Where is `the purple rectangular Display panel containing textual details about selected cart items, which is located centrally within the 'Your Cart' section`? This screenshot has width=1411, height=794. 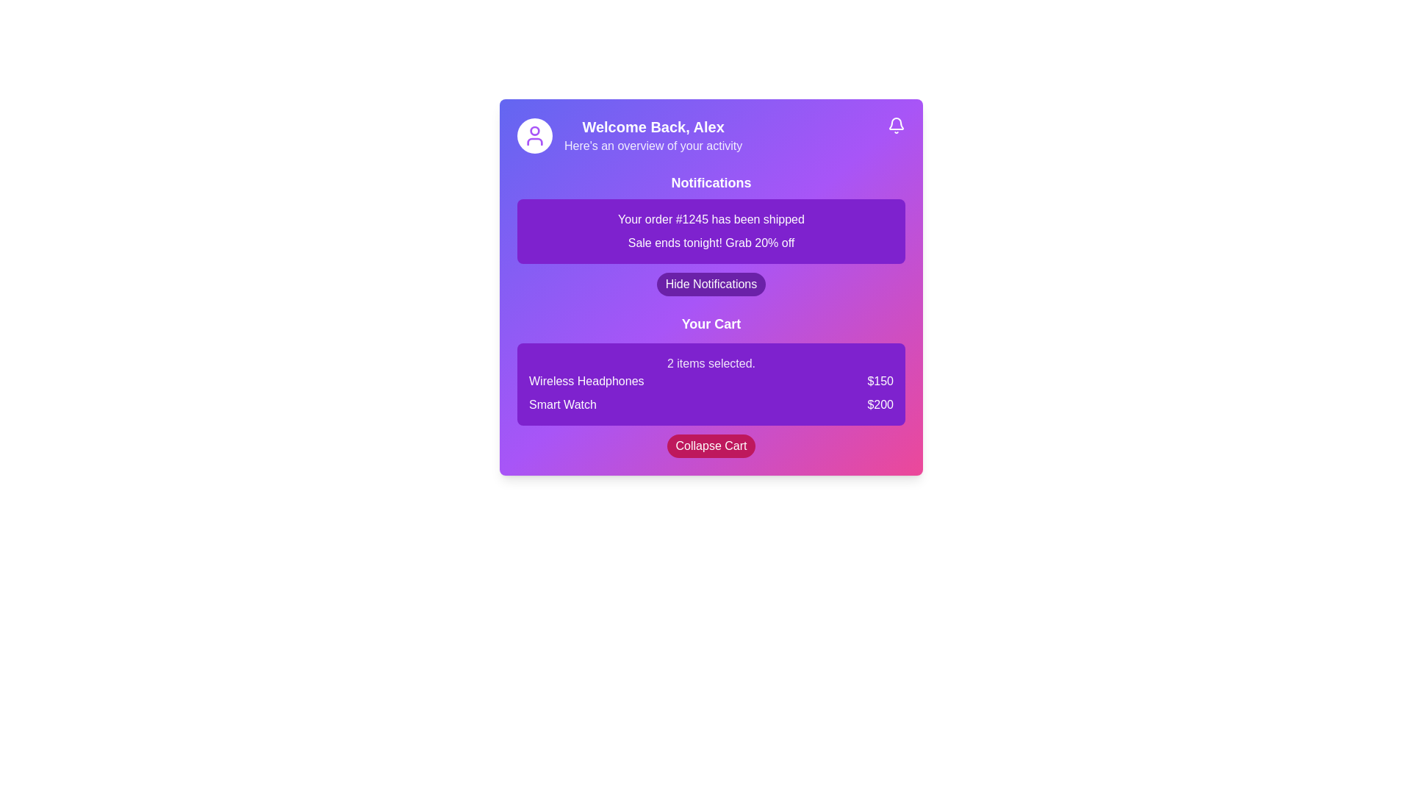 the purple rectangular Display panel containing textual details about selected cart items, which is located centrally within the 'Your Cart' section is located at coordinates (711, 384).